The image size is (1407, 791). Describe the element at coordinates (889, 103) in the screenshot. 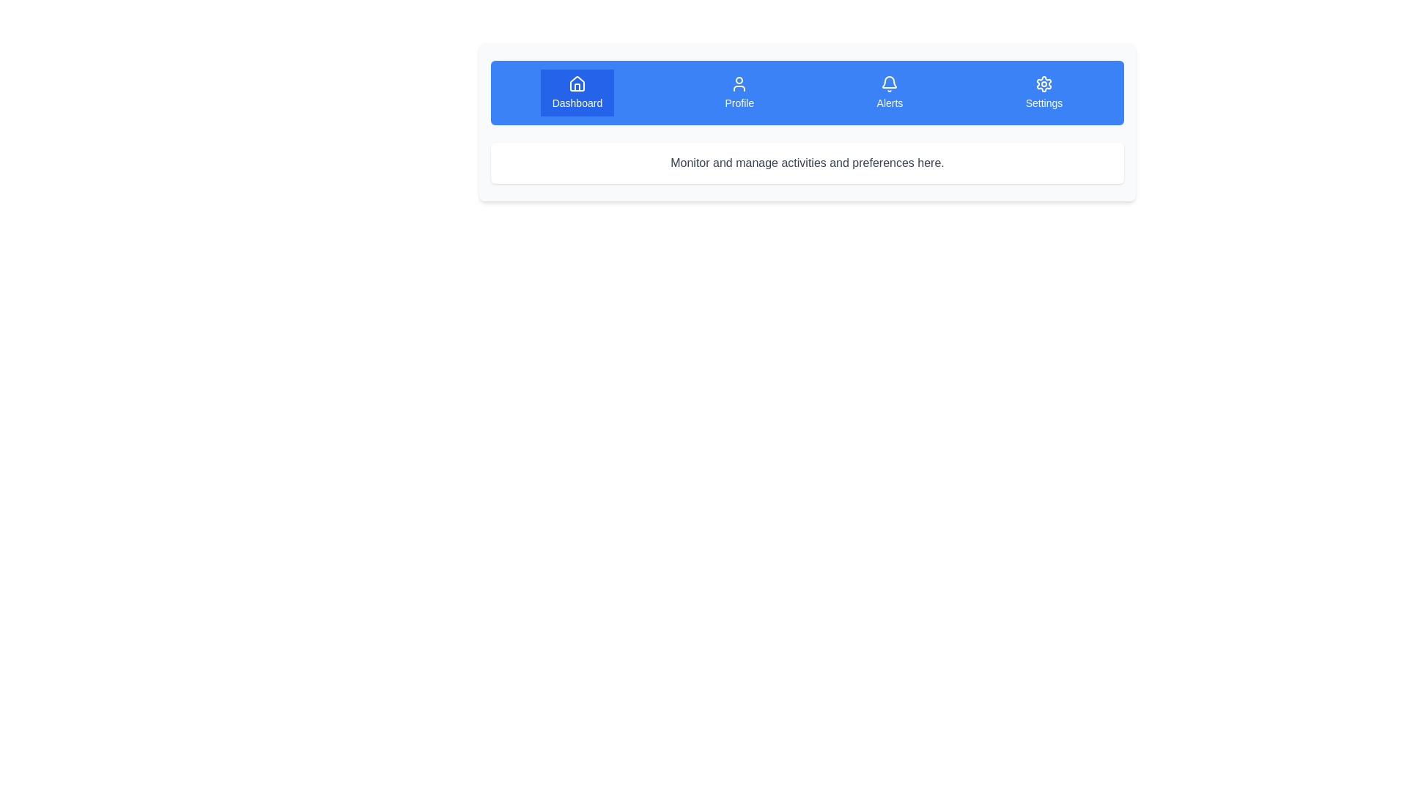

I see `the 'Alerts' text label located in the navigation bar, which indicates the alerts section and is positioned directly beneath the bell icon` at that location.